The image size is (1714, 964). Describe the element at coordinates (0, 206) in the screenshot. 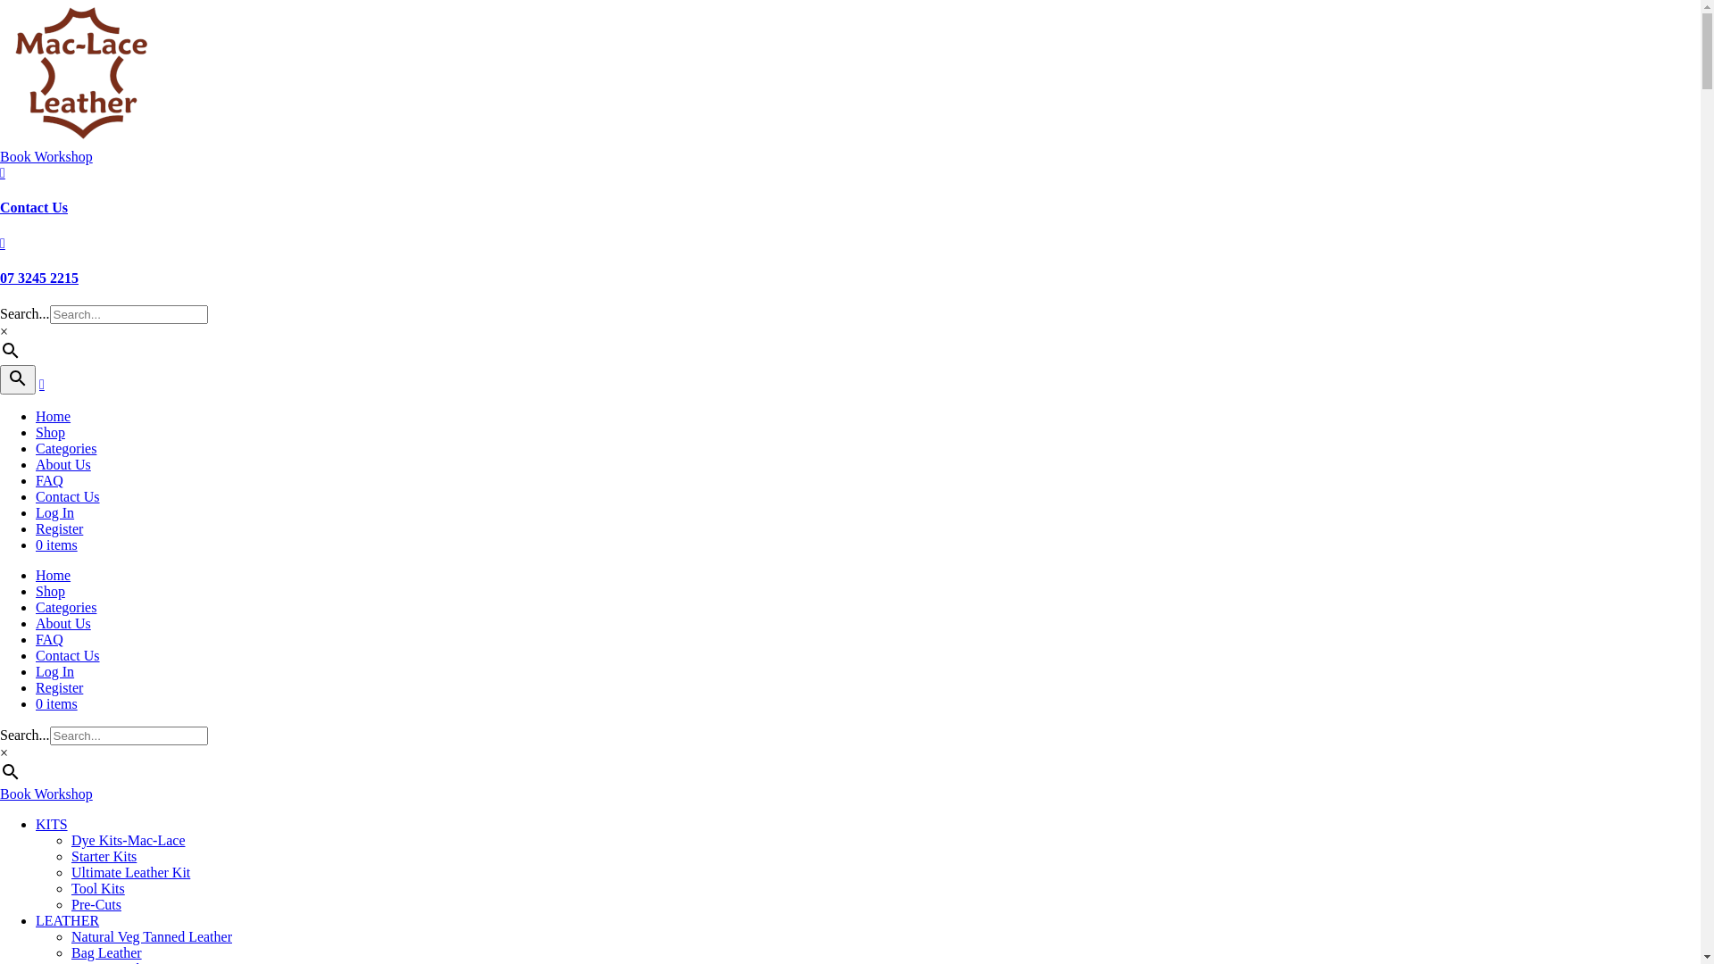

I see `'Contact Us'` at that location.